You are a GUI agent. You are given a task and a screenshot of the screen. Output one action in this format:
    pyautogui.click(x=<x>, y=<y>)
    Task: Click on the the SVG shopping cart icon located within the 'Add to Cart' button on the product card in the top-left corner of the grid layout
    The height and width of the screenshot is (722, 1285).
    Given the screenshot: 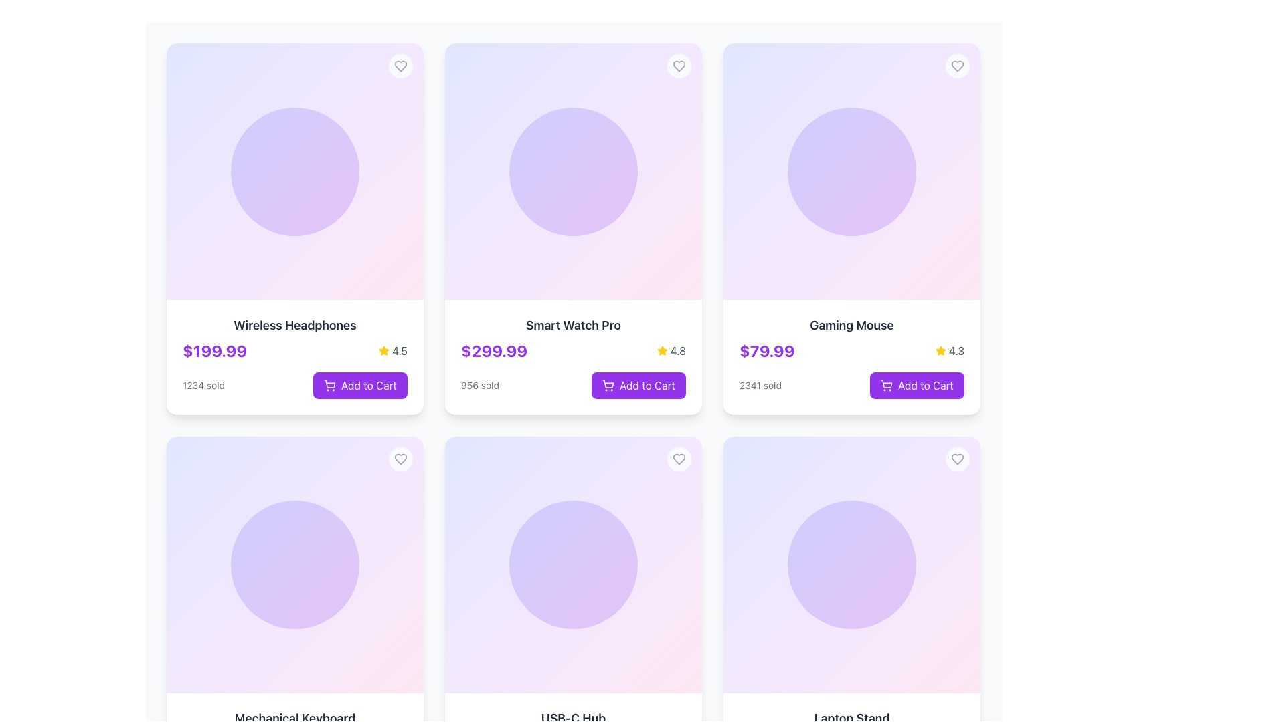 What is the action you would take?
    pyautogui.click(x=330, y=386)
    